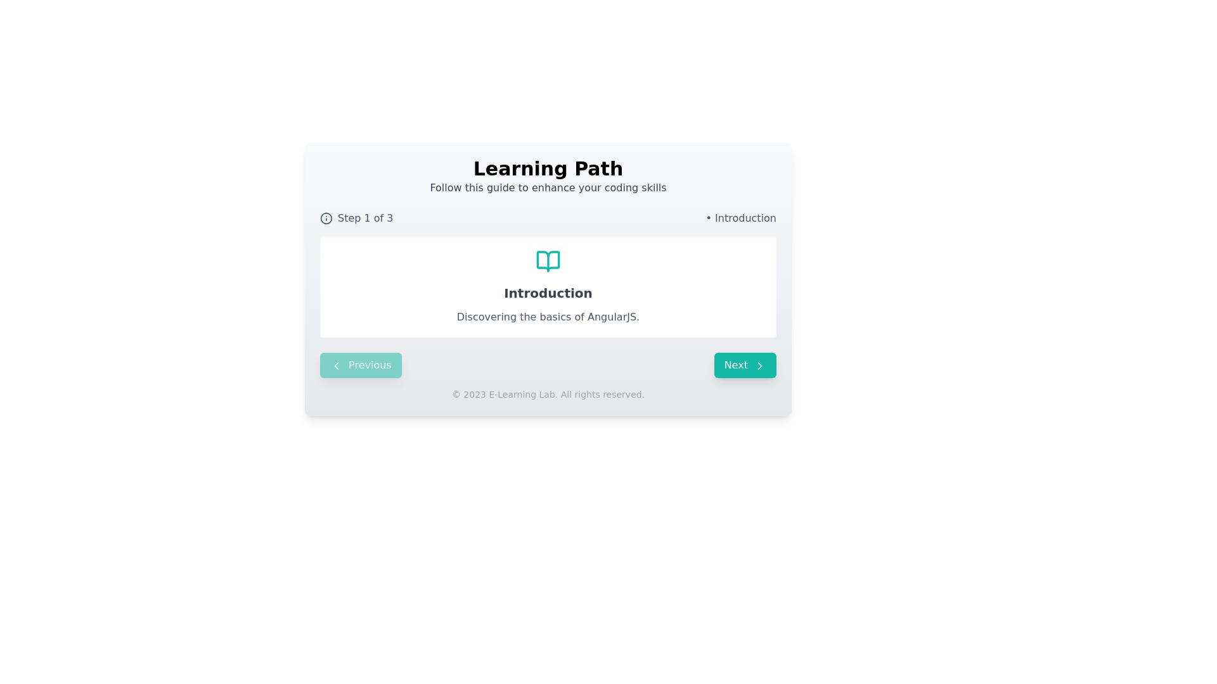 The width and height of the screenshot is (1217, 684). What do you see at coordinates (356, 217) in the screenshot?
I see `the Progress text display containing the phrase 'Step 1 of 3', which is styled with a gray font and located to the left of the 'Introduction' text` at bounding box center [356, 217].